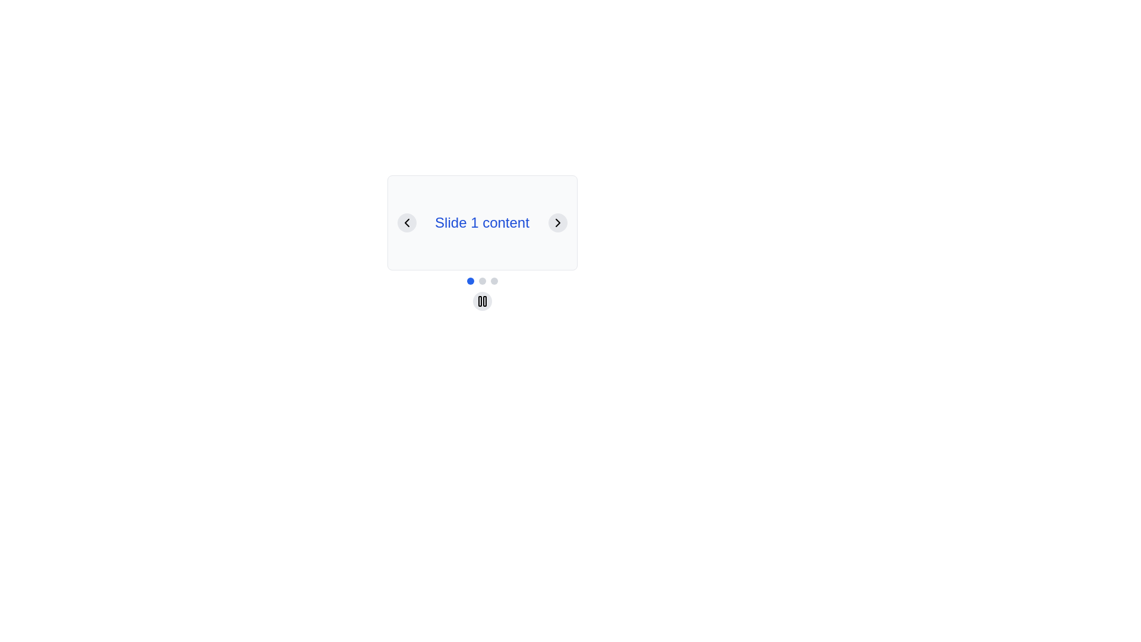 The height and width of the screenshot is (642, 1141). Describe the element at coordinates (494, 281) in the screenshot. I see `the third dot indicator, which is a small light gray circular dot located horizontally in a sequence of three dots below the 'Slide 1 content' box` at that location.